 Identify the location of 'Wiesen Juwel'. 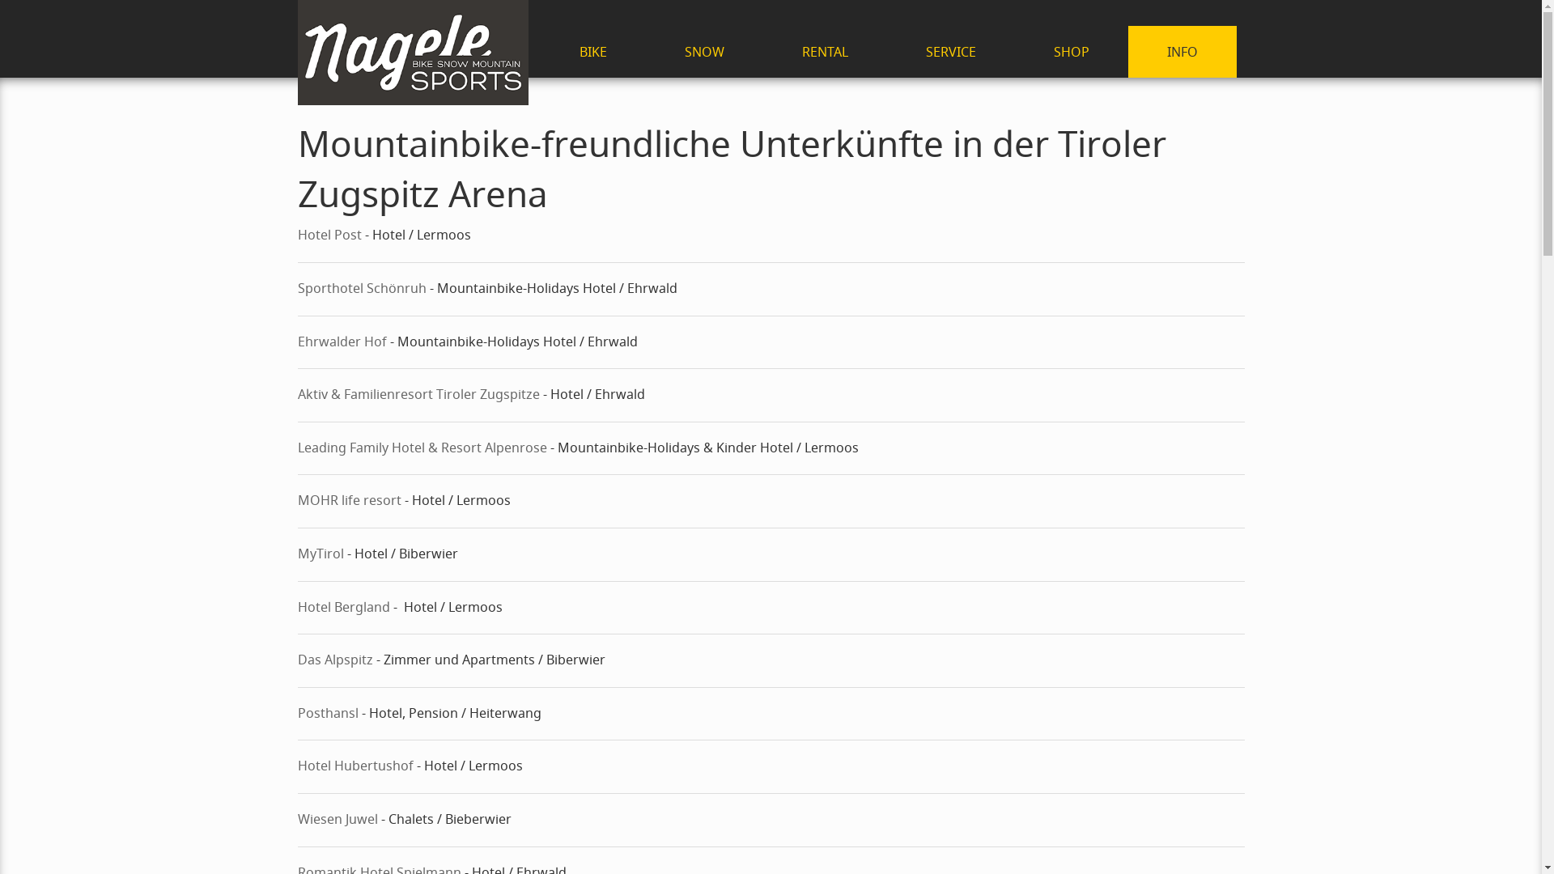
(337, 818).